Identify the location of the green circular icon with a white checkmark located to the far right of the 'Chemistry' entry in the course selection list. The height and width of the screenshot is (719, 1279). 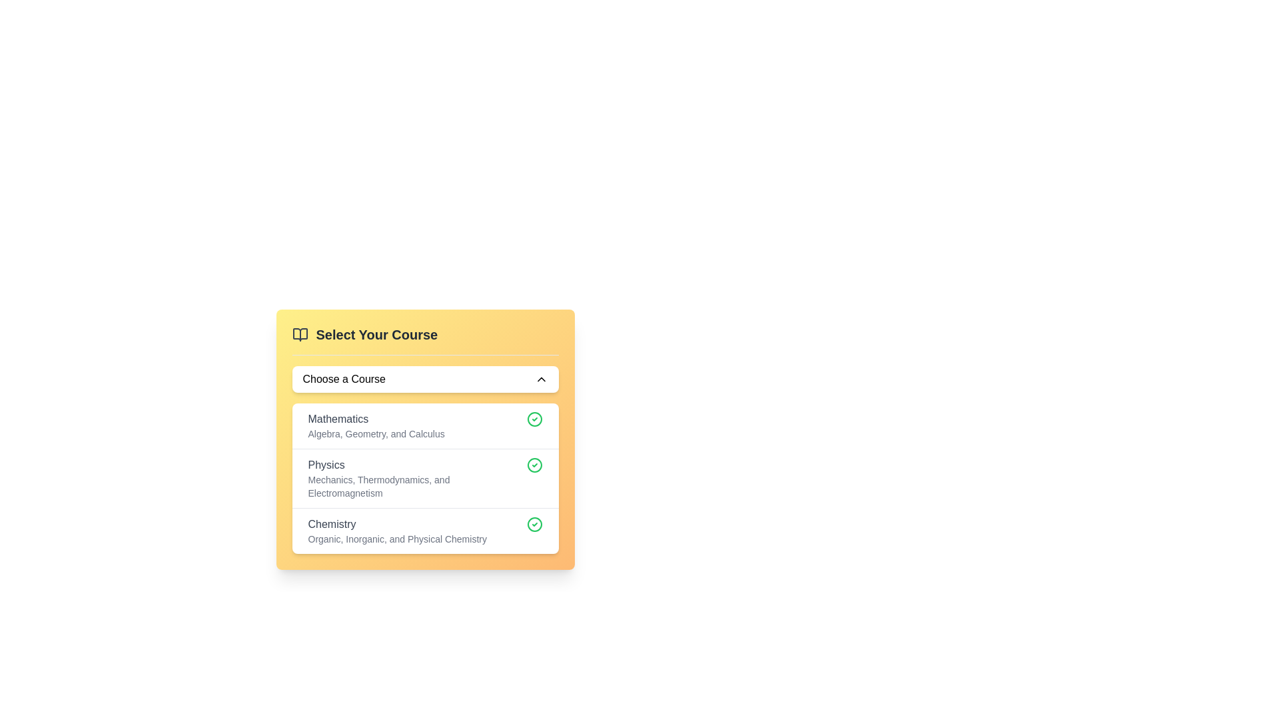
(534, 464).